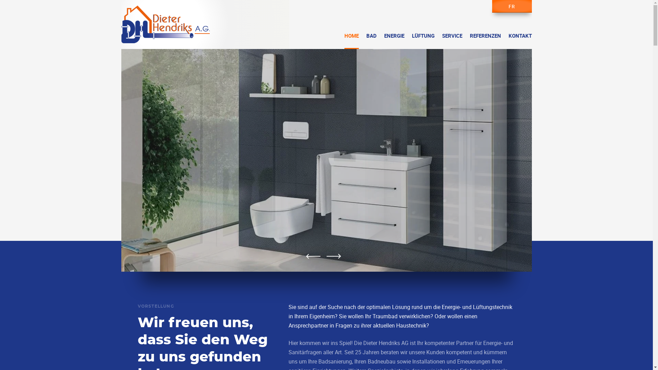 This screenshot has height=370, width=658. Describe the element at coordinates (371, 41) in the screenshot. I see `'BAD'` at that location.